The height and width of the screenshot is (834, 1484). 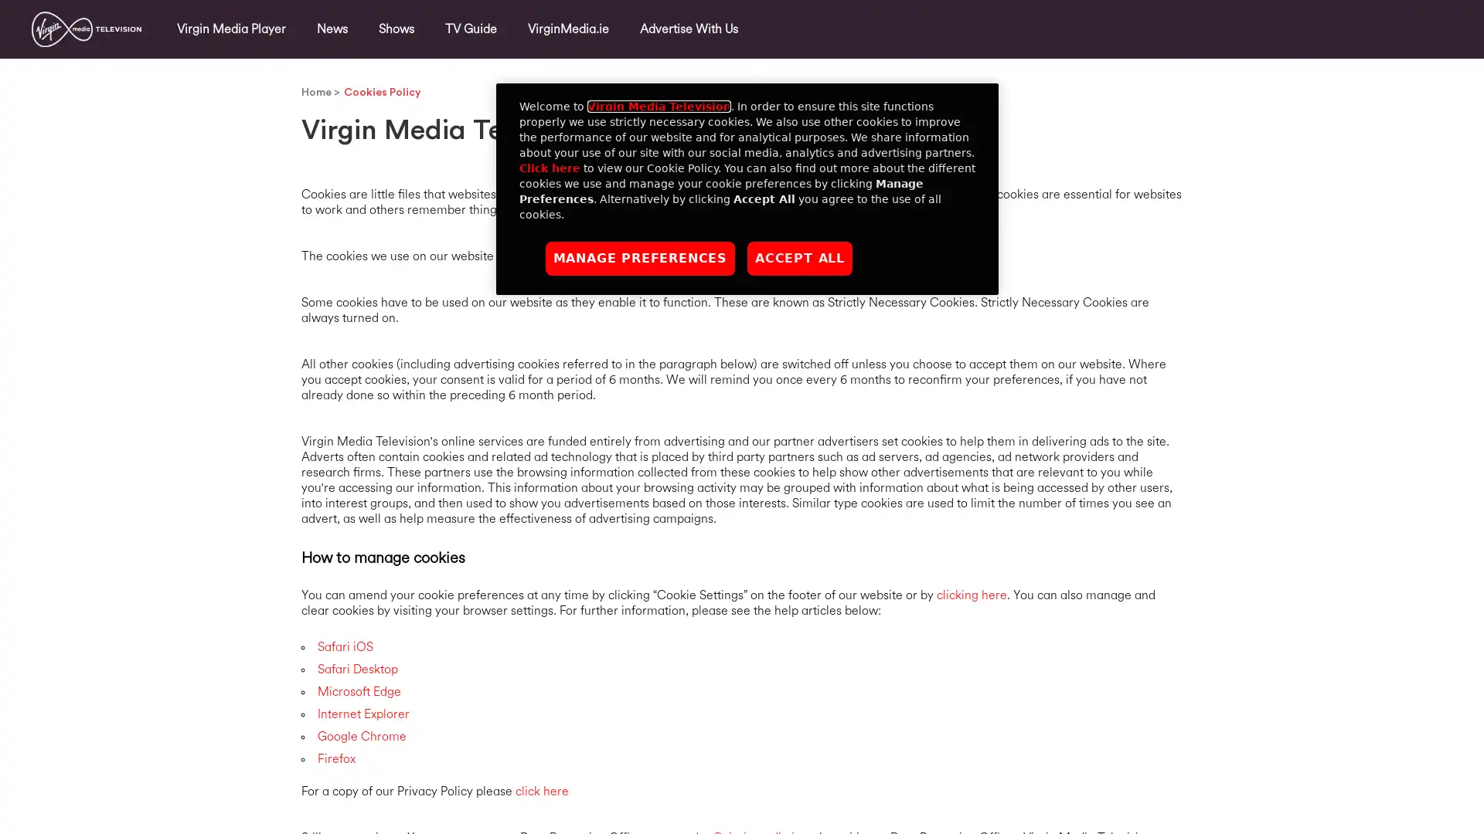 What do you see at coordinates (640, 258) in the screenshot?
I see `MANAGE PREFERENCES` at bounding box center [640, 258].